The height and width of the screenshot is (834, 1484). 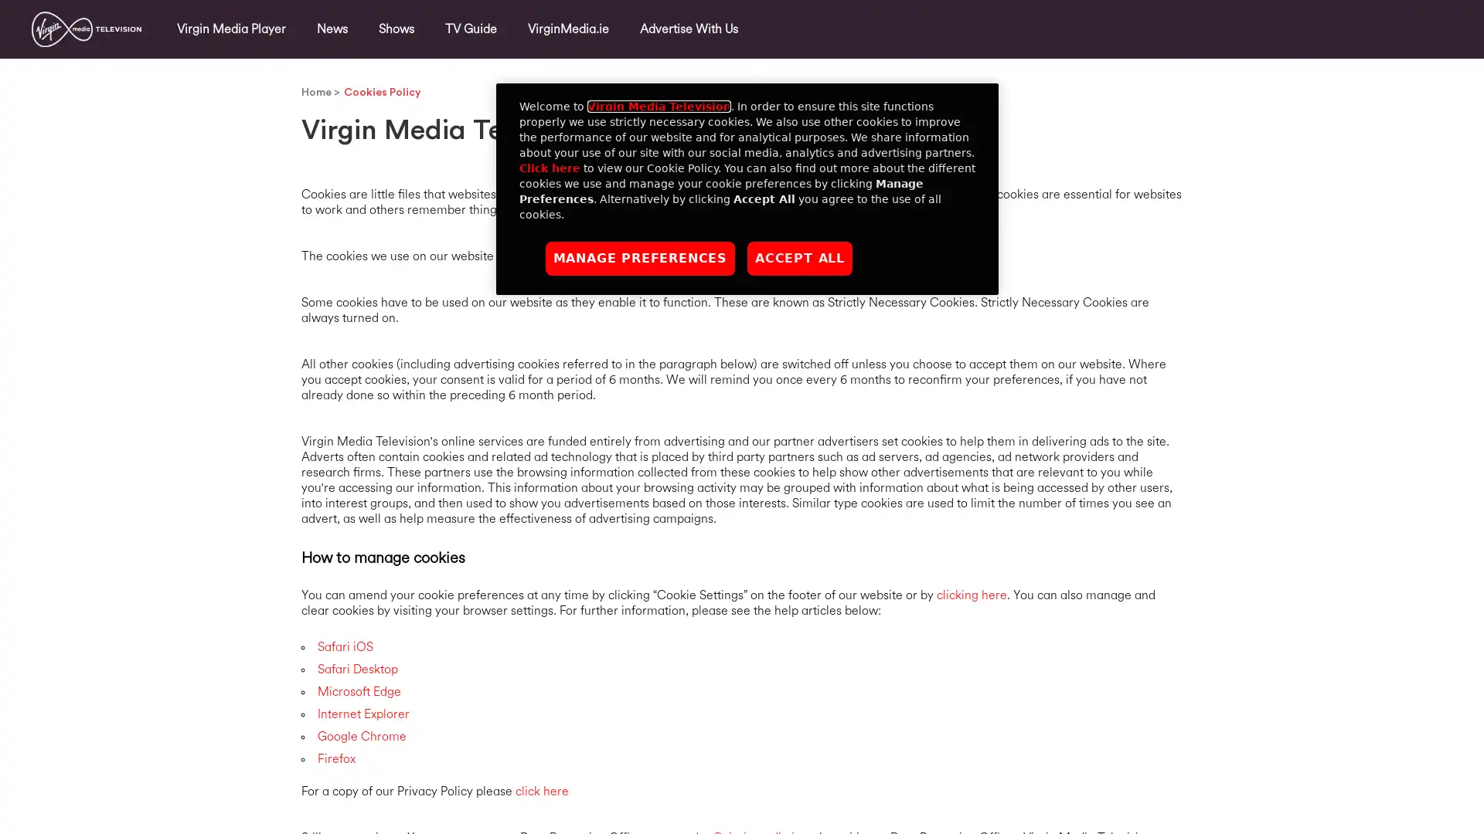 What do you see at coordinates (640, 258) in the screenshot?
I see `MANAGE PREFERENCES` at bounding box center [640, 258].